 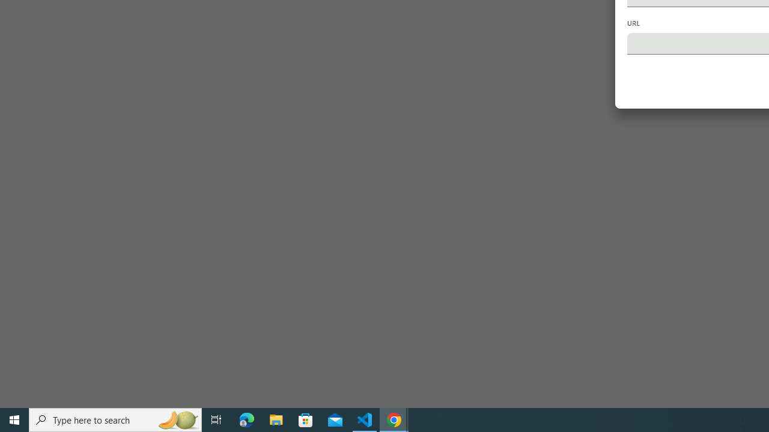 What do you see at coordinates (364, 419) in the screenshot?
I see `'Visual Studio Code - 1 running window'` at bounding box center [364, 419].